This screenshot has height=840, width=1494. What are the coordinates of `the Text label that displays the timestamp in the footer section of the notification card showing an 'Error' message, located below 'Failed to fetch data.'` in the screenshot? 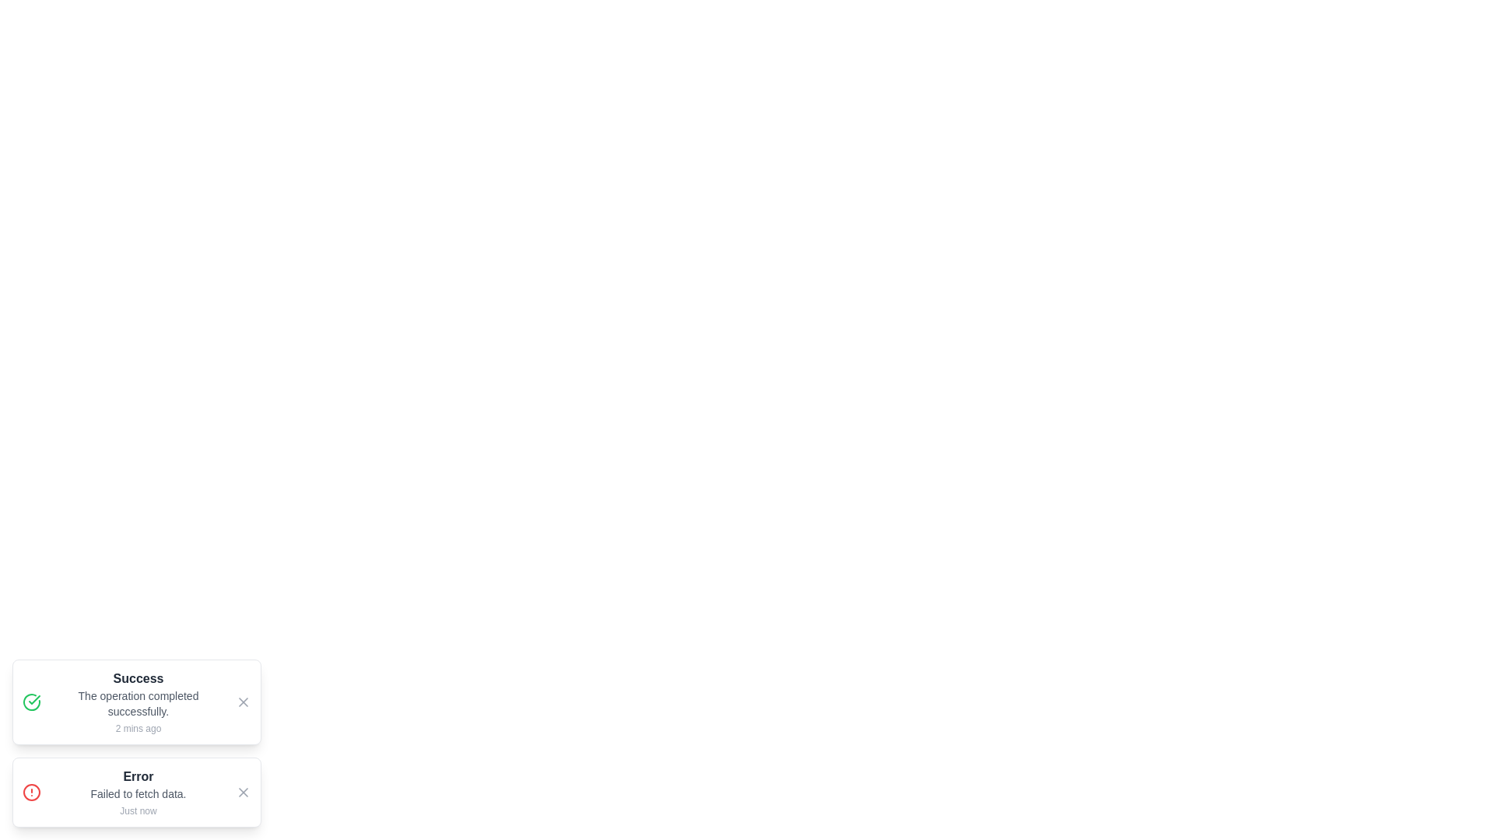 It's located at (138, 810).